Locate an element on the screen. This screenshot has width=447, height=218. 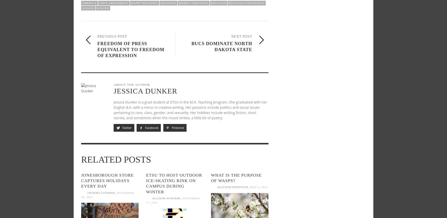
'Allison Winters' is located at coordinates (152, 198).